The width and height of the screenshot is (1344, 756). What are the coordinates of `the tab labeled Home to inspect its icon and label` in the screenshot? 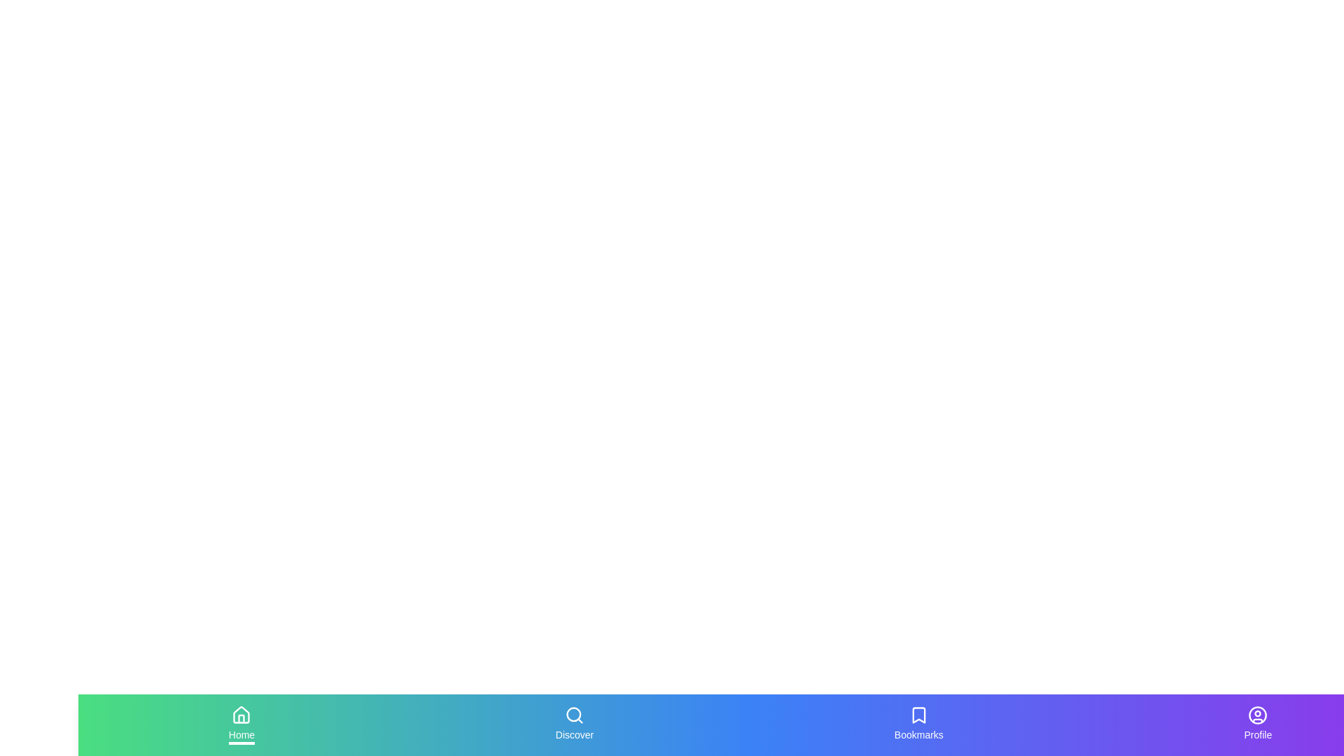 It's located at (241, 724).